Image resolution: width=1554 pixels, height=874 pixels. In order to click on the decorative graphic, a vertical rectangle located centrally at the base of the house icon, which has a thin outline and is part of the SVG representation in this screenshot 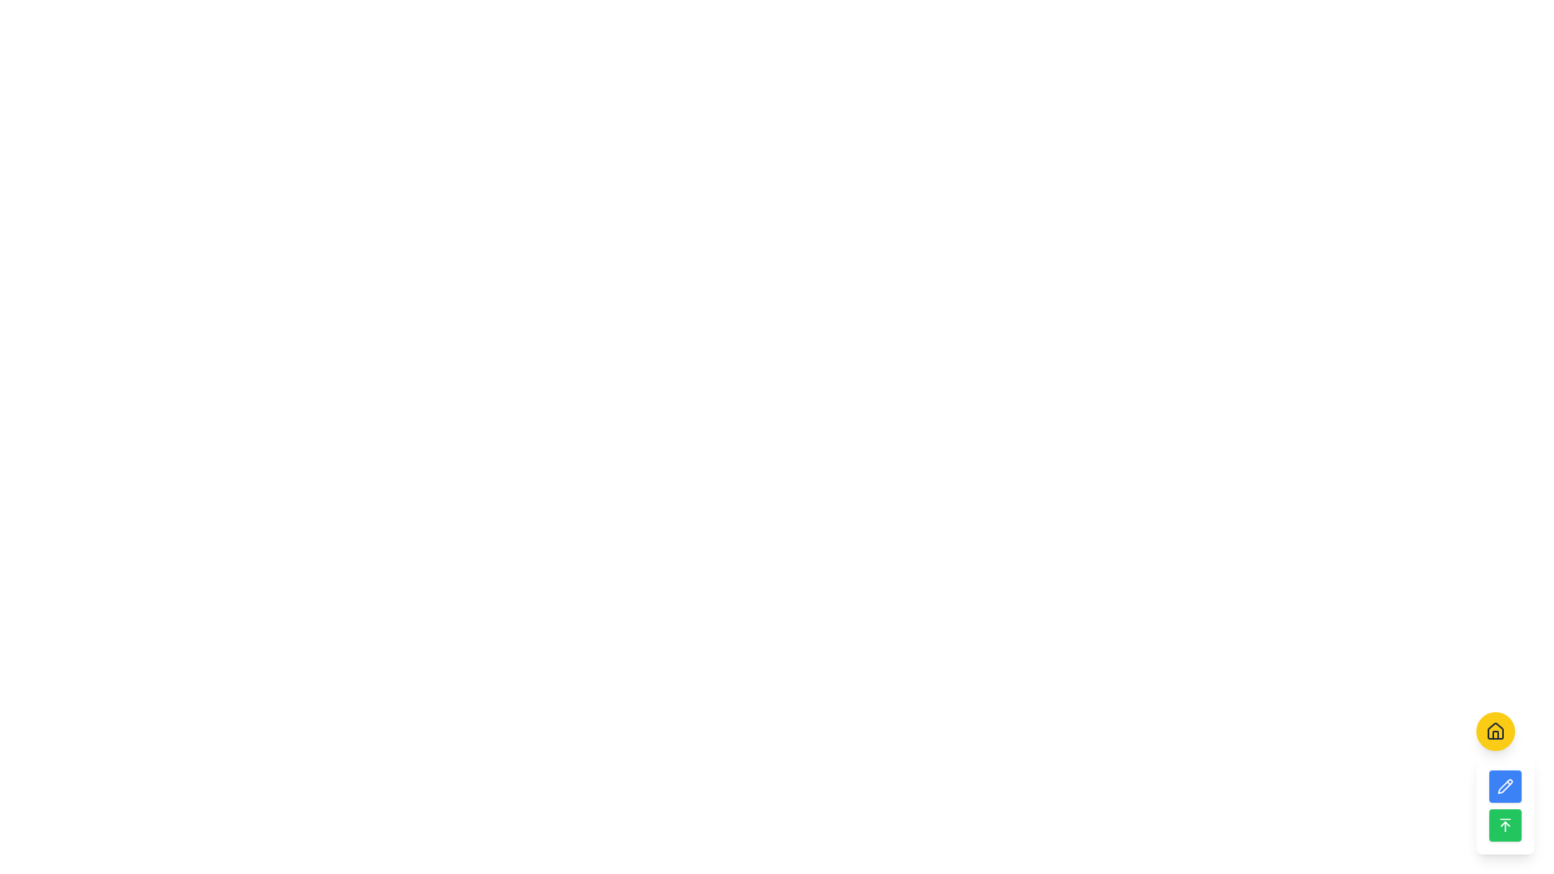, I will do `click(1495, 734)`.